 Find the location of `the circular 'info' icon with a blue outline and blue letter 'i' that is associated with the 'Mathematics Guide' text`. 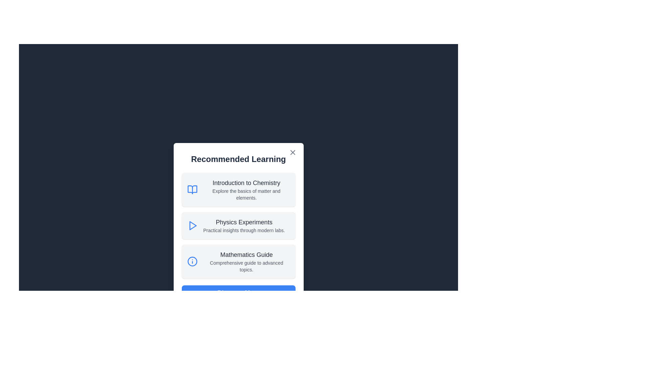

the circular 'info' icon with a blue outline and blue letter 'i' that is associated with the 'Mathematics Guide' text is located at coordinates (192, 261).